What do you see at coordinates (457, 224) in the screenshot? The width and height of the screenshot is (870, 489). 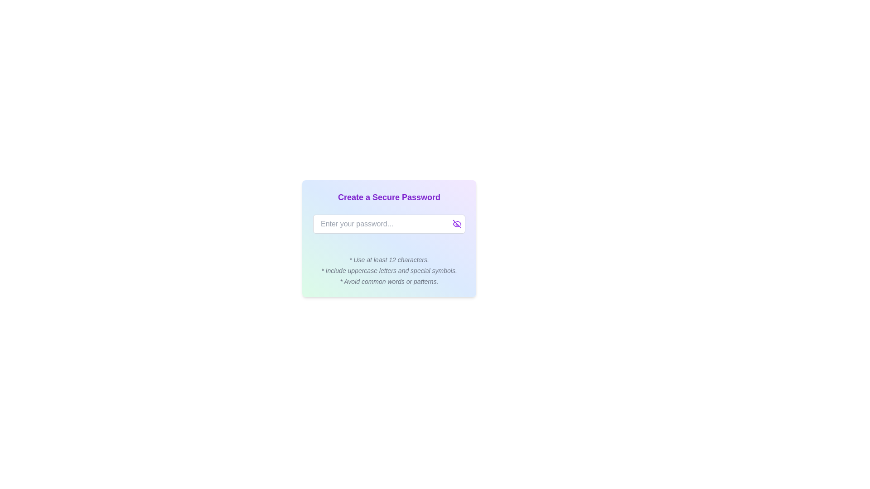 I see `the visibility toggle button for the password input field located on the right side of the password text input box` at bounding box center [457, 224].